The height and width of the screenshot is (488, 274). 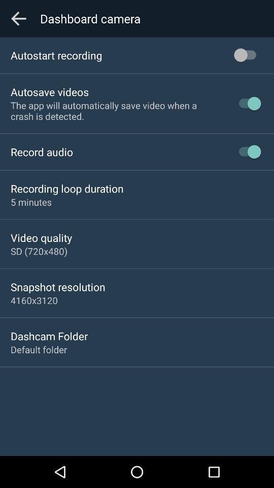 I want to click on record audio app, so click(x=41, y=151).